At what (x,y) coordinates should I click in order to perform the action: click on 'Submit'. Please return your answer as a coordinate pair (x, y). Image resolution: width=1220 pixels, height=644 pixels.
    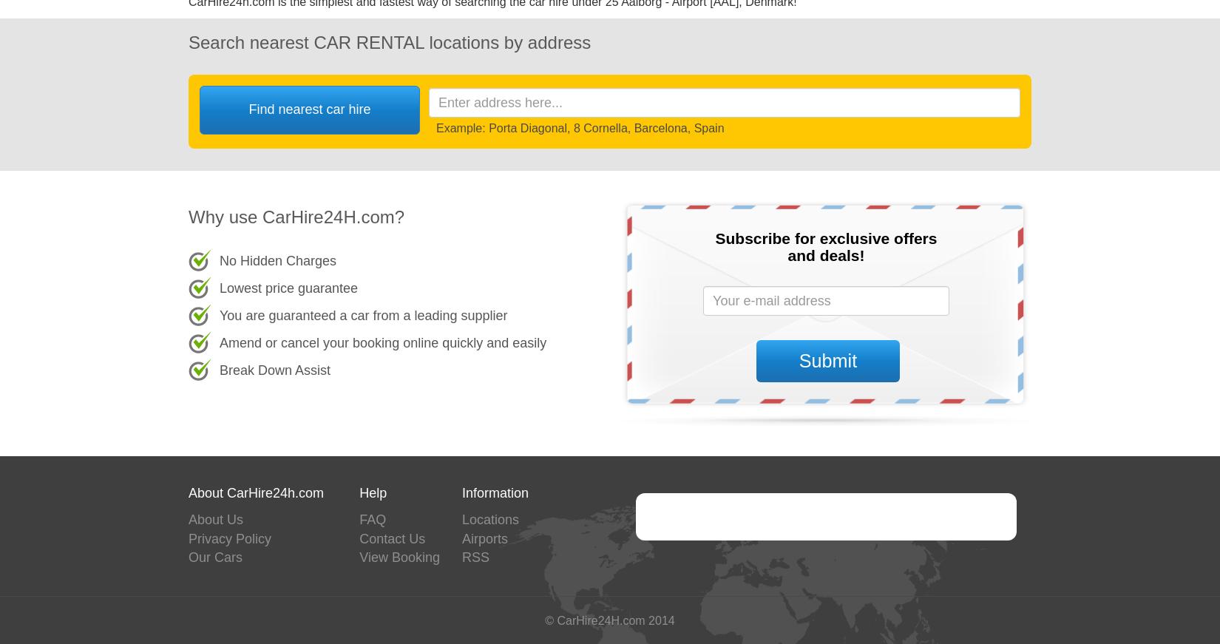
    Looking at the image, I should click on (798, 359).